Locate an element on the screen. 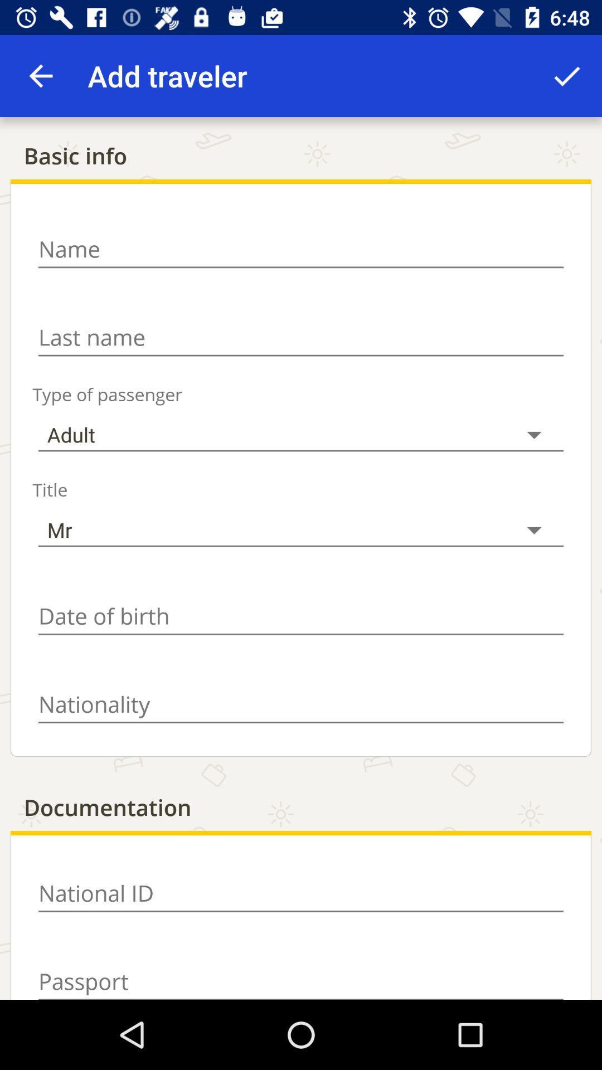  the app to the right of add traveler is located at coordinates (567, 75).